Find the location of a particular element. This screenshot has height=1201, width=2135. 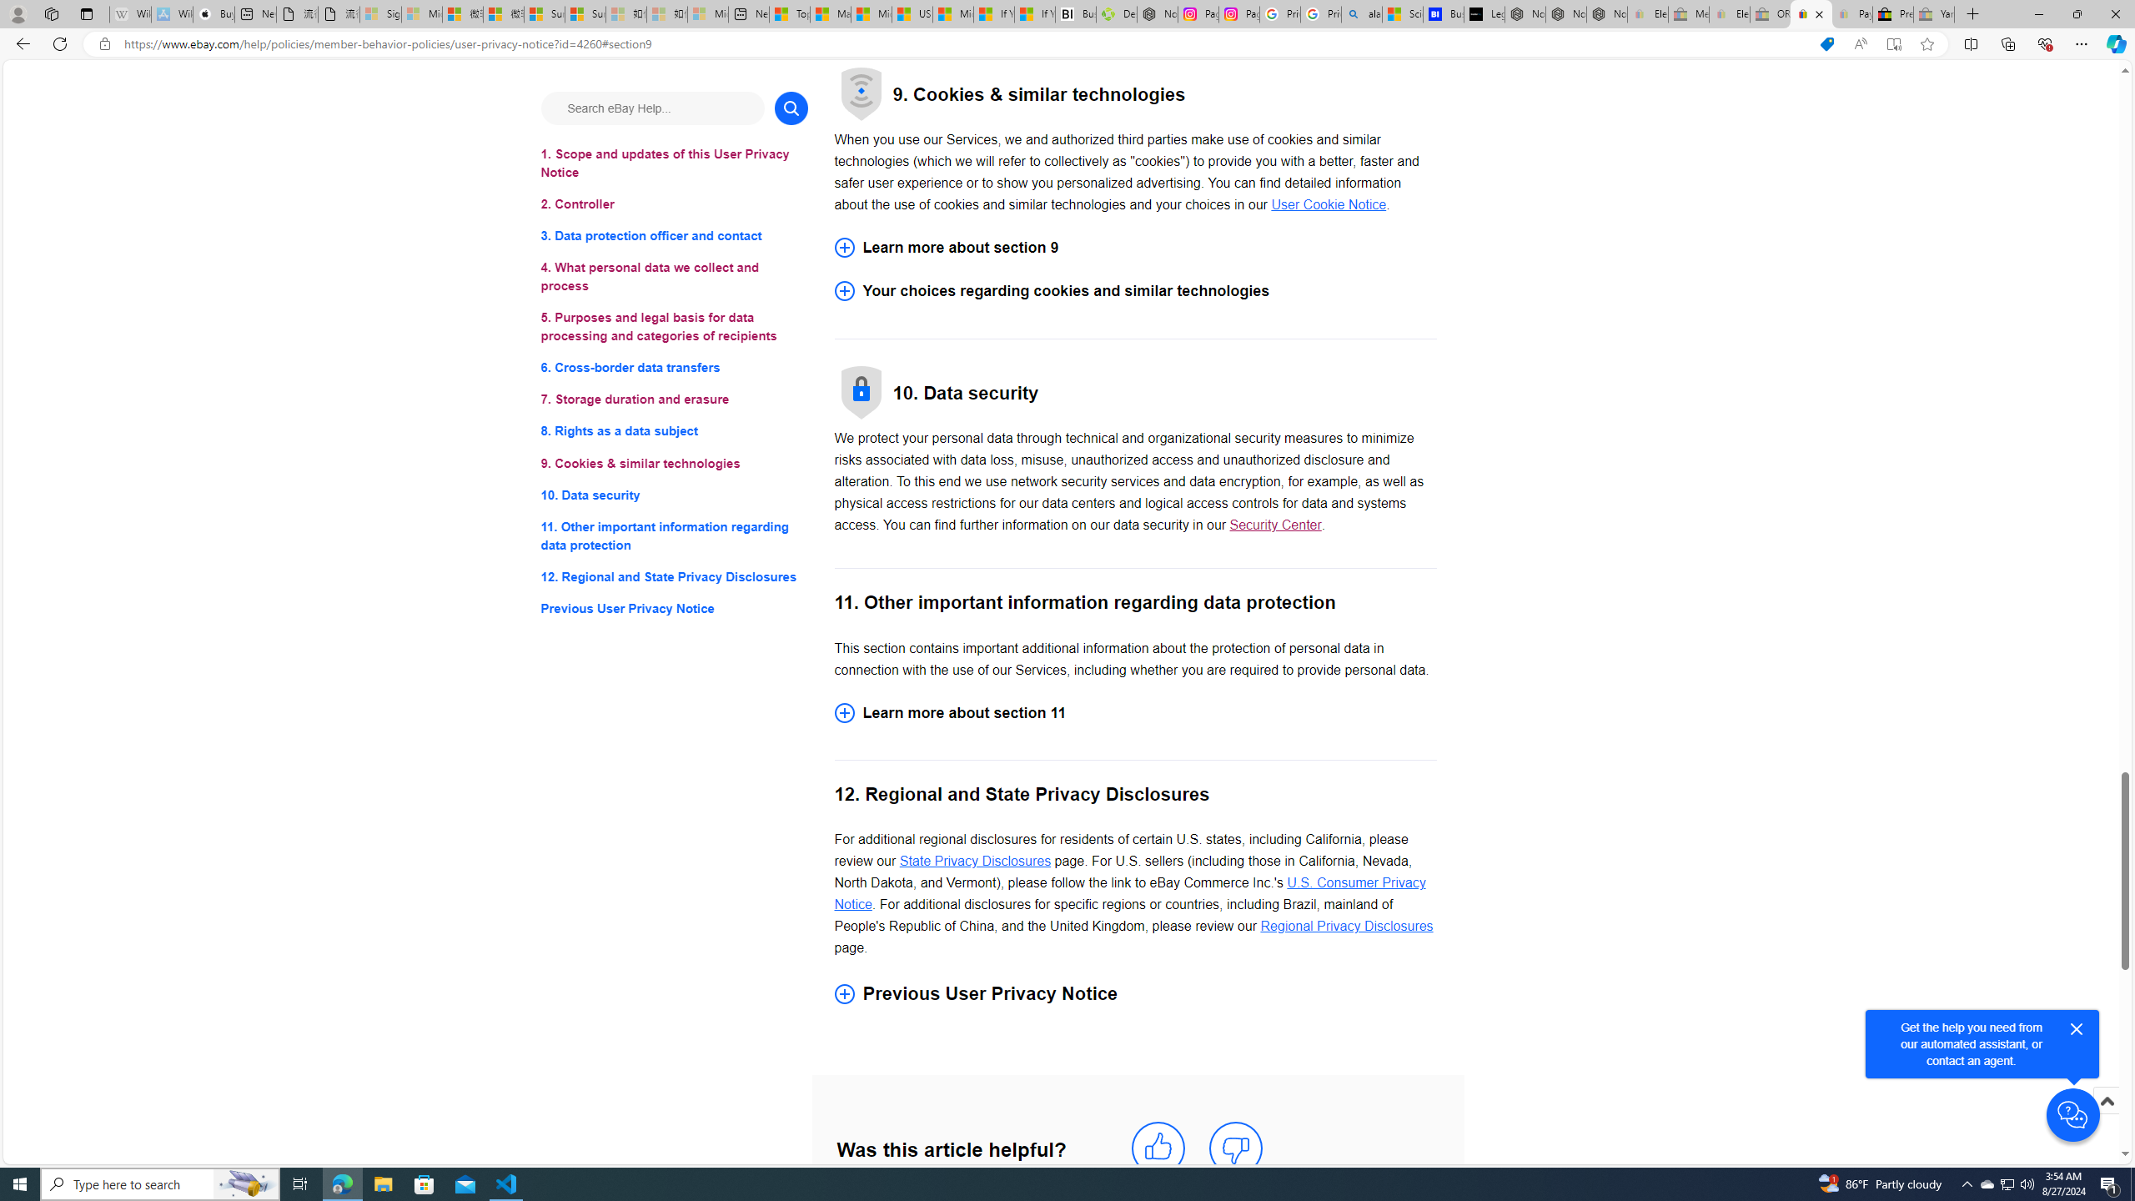

'7. Storage duration and erasure' is located at coordinates (673, 399).